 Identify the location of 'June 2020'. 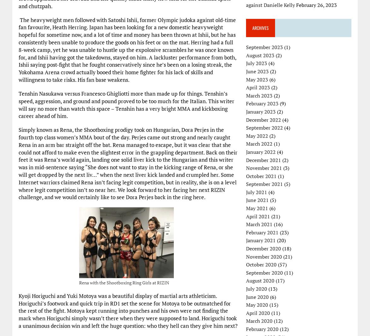
(257, 297).